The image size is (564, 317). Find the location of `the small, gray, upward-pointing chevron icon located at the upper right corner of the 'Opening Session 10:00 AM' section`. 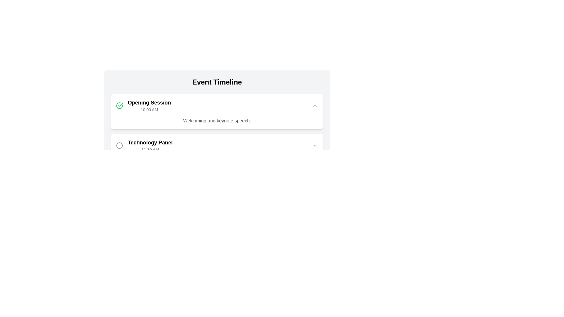

the small, gray, upward-pointing chevron icon located at the upper right corner of the 'Opening Session 10:00 AM' section is located at coordinates (315, 105).